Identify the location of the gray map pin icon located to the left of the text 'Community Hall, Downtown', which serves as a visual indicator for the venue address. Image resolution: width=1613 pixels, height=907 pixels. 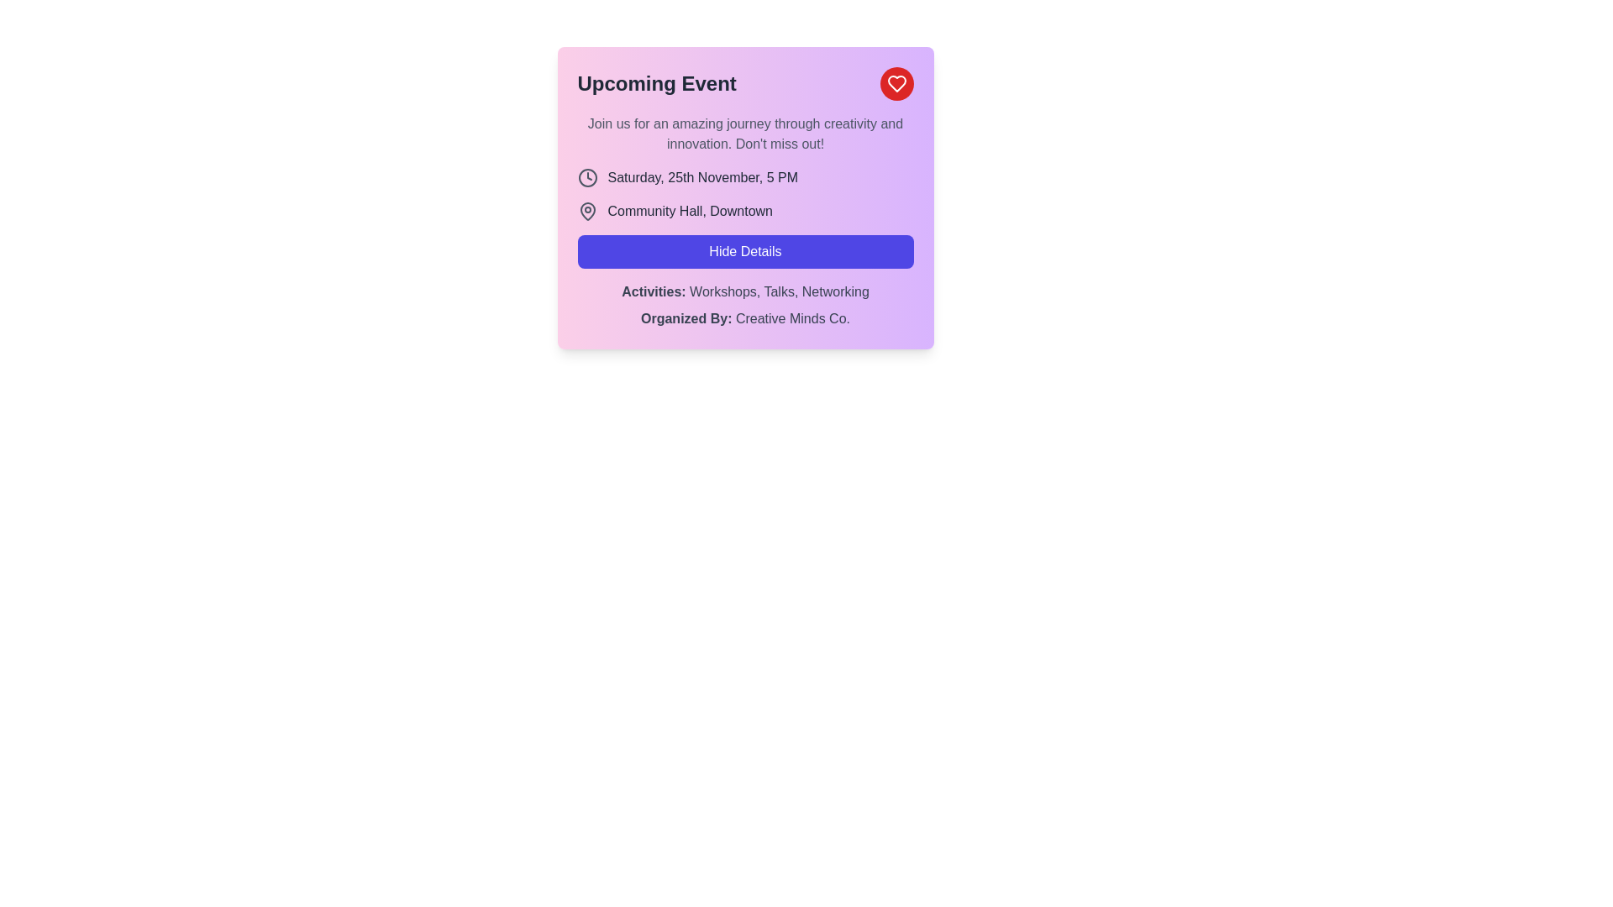
(587, 210).